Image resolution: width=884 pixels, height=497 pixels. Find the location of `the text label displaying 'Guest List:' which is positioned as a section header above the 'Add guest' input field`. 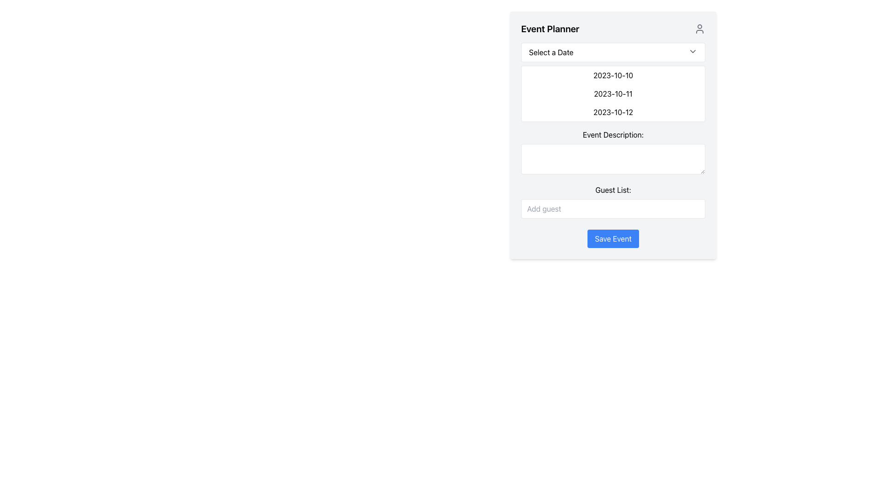

the text label displaying 'Guest List:' which is positioned as a section header above the 'Add guest' input field is located at coordinates (613, 189).